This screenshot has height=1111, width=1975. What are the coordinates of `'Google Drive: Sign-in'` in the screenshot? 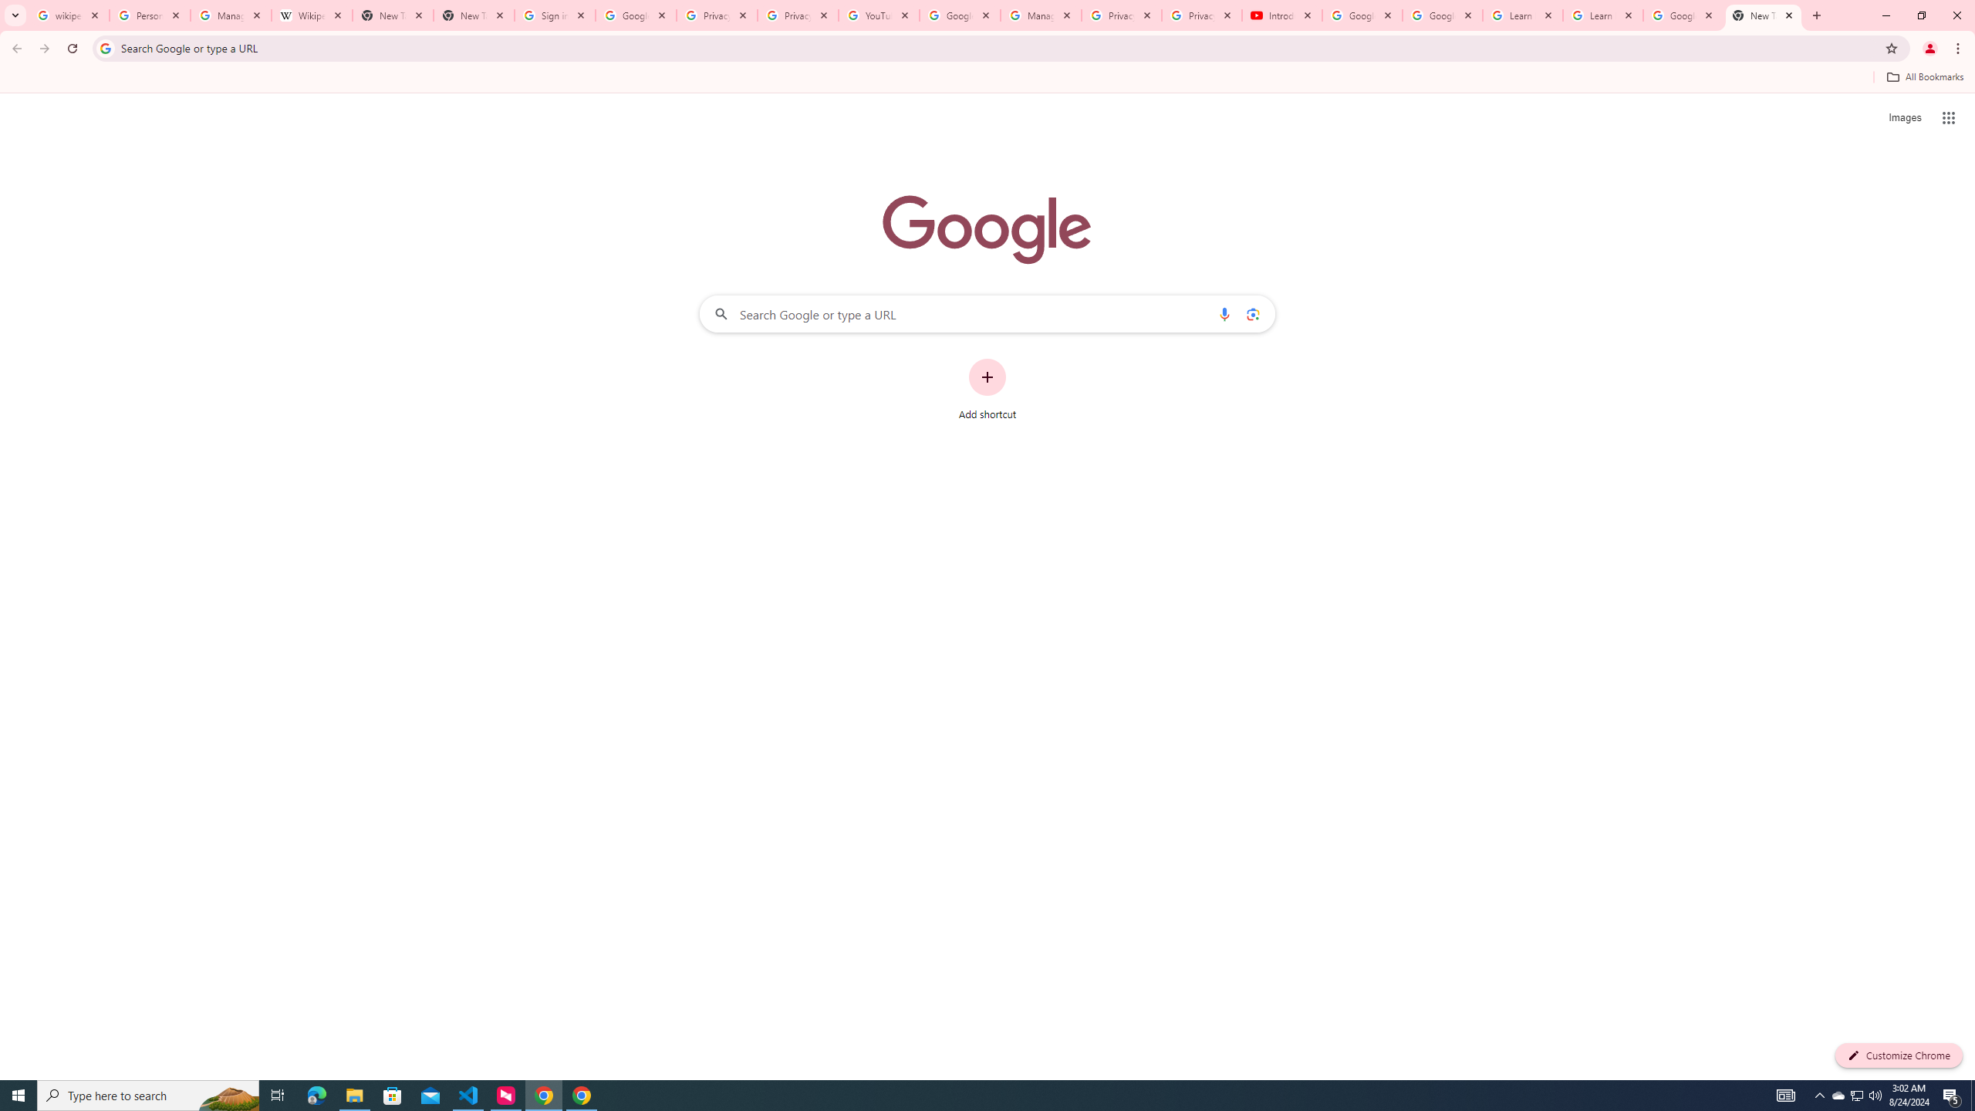 It's located at (635, 15).